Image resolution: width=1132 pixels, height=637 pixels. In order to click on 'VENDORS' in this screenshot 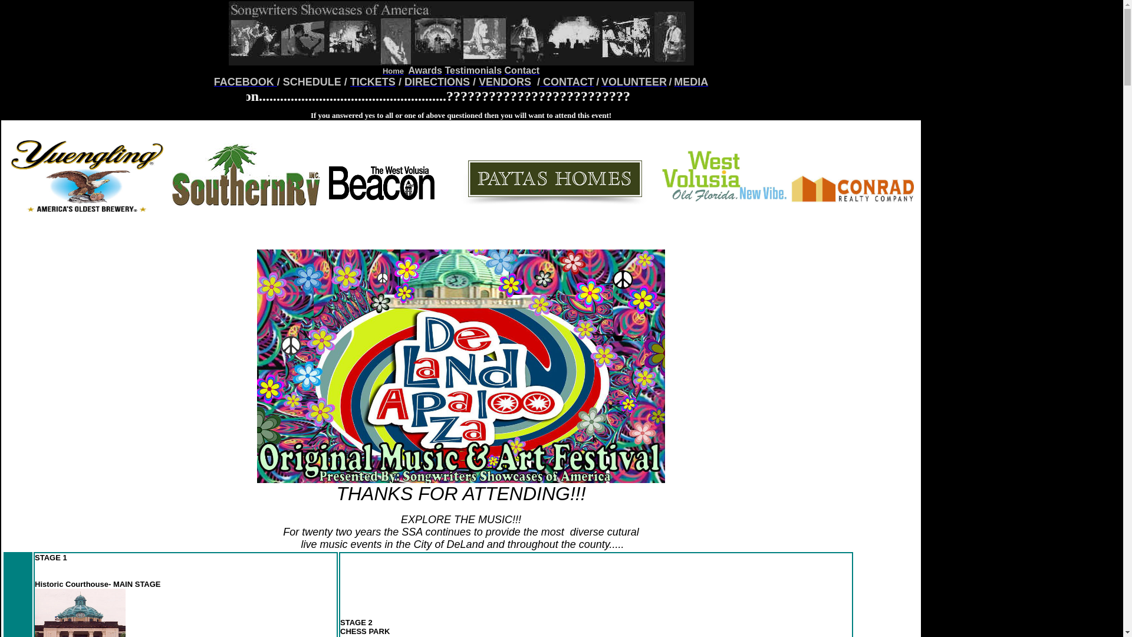, I will do `click(505, 81)`.